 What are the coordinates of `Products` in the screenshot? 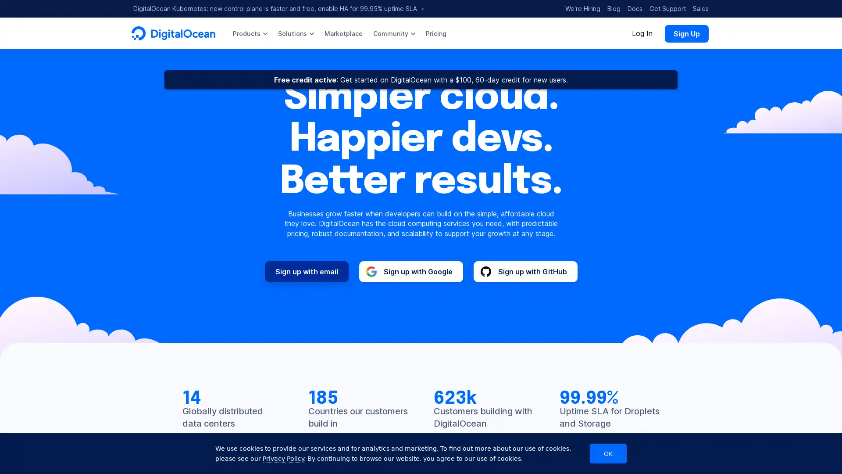 It's located at (250, 33).